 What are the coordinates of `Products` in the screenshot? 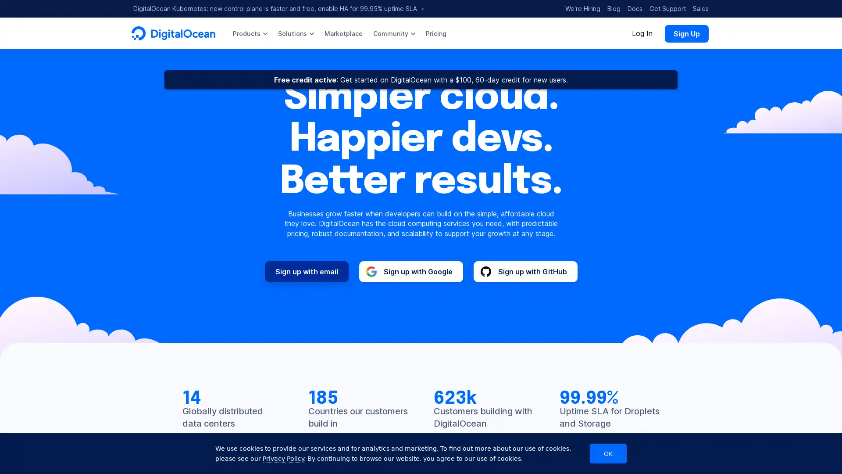 It's located at (250, 33).